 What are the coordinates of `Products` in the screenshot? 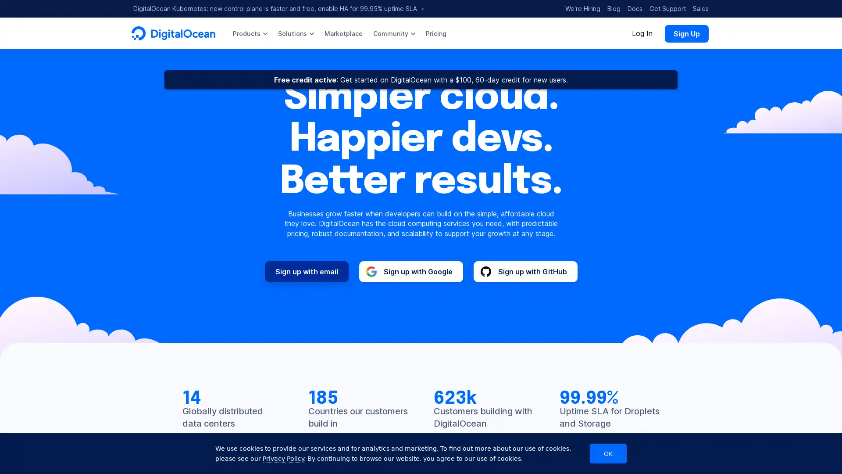 It's located at (250, 33).